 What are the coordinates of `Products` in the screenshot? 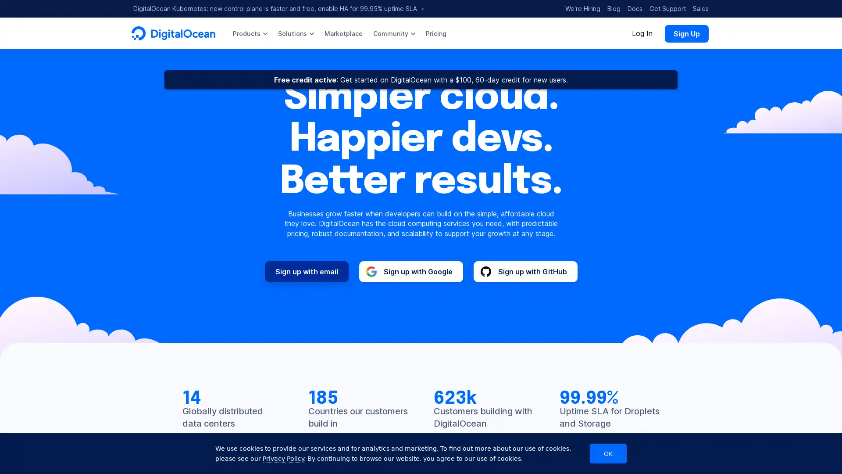 It's located at (250, 33).